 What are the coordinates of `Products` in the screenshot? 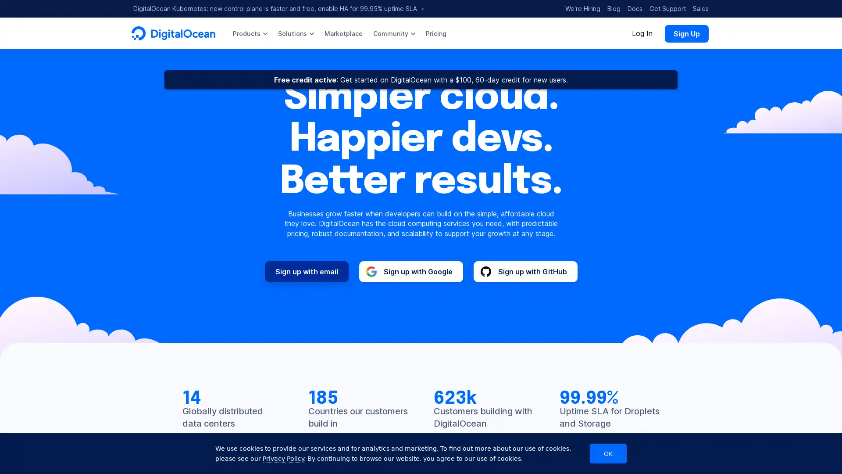 It's located at (250, 33).